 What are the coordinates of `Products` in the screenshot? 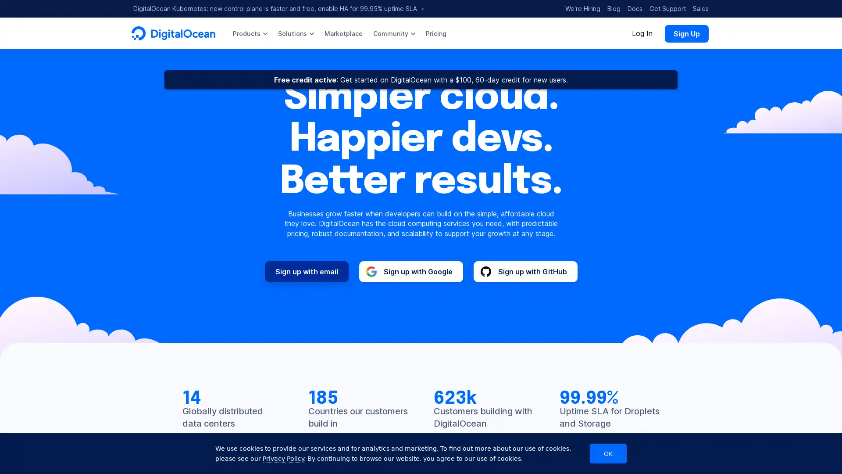 It's located at (250, 33).